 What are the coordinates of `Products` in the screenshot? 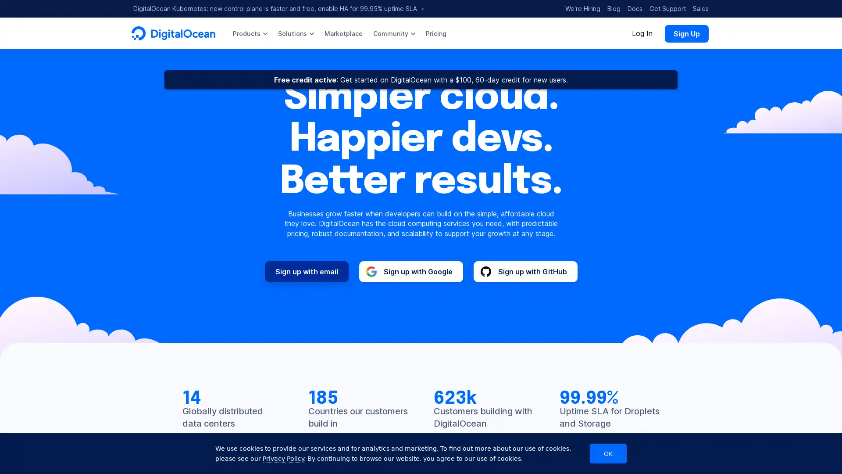 It's located at (250, 33).